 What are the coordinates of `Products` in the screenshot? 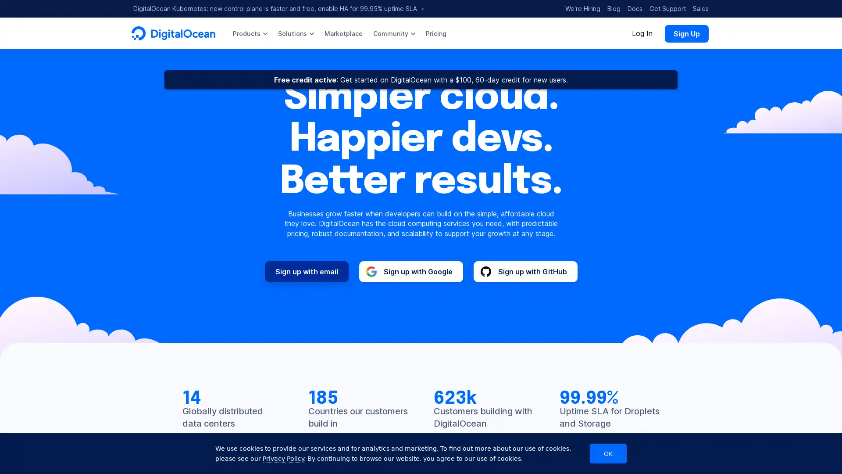 It's located at (250, 33).